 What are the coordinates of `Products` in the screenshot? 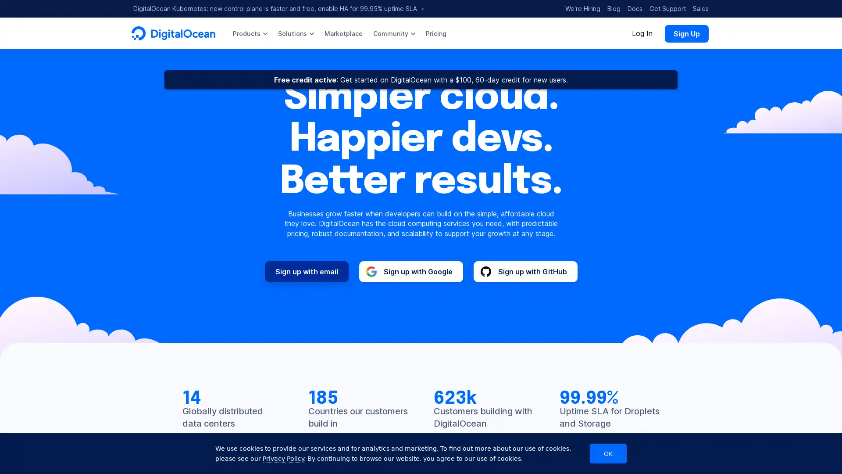 It's located at (250, 33).